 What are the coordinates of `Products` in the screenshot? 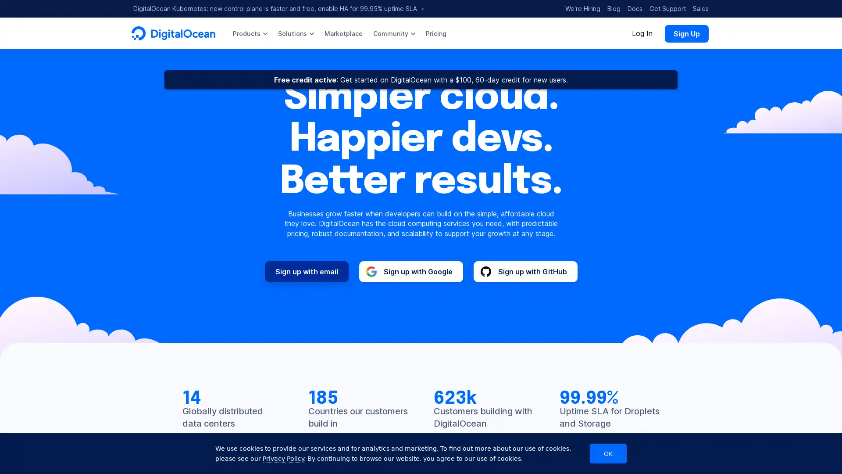 It's located at (250, 33).